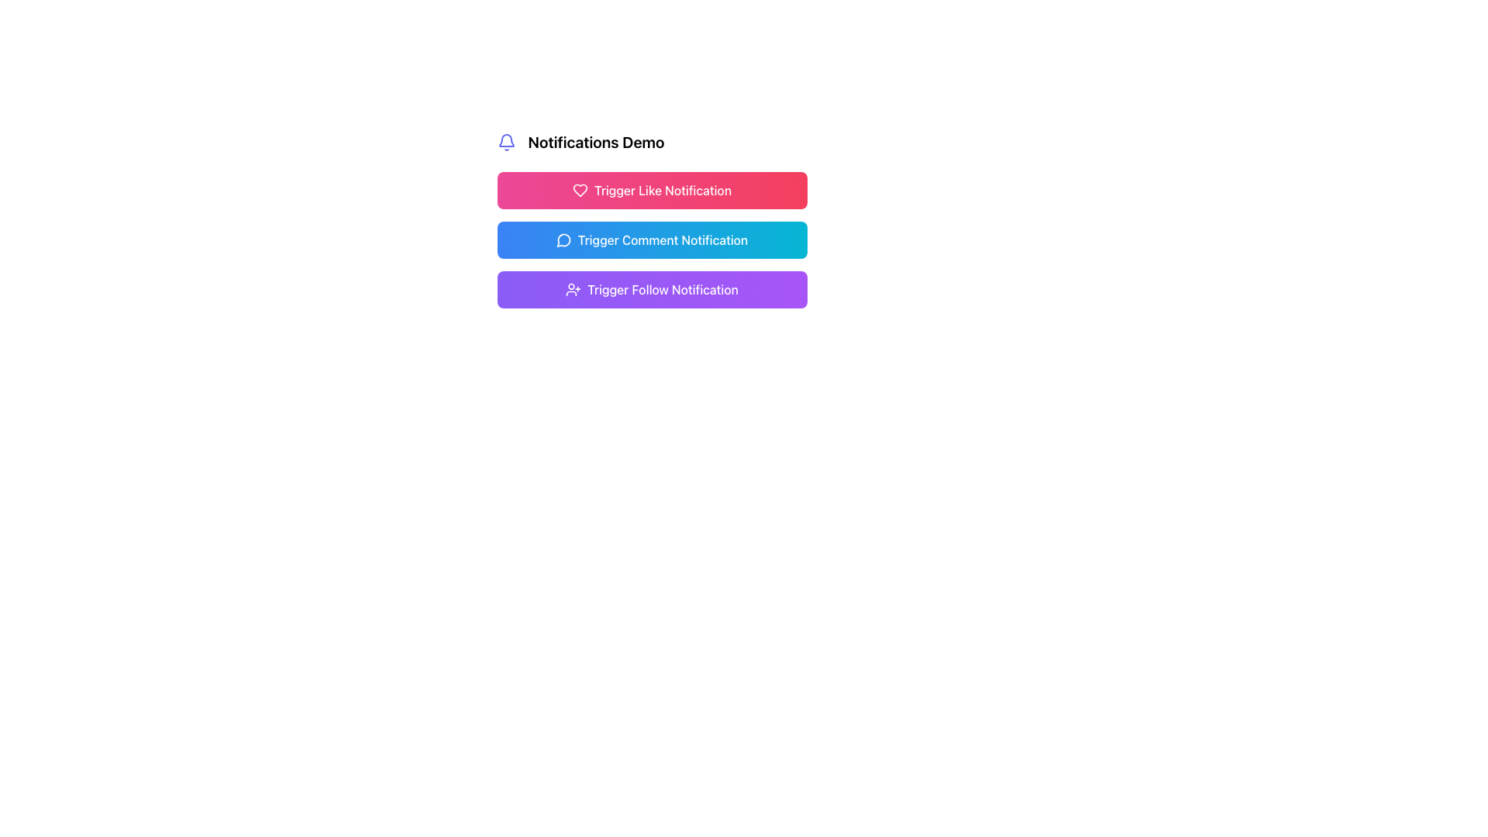 The image size is (1488, 837). Describe the element at coordinates (663, 239) in the screenshot. I see `text contained in the button labeled 'Trigger Comment Notification', which is styled in white over a blue gradient background and is positioned in the second button of a vertical list` at that location.